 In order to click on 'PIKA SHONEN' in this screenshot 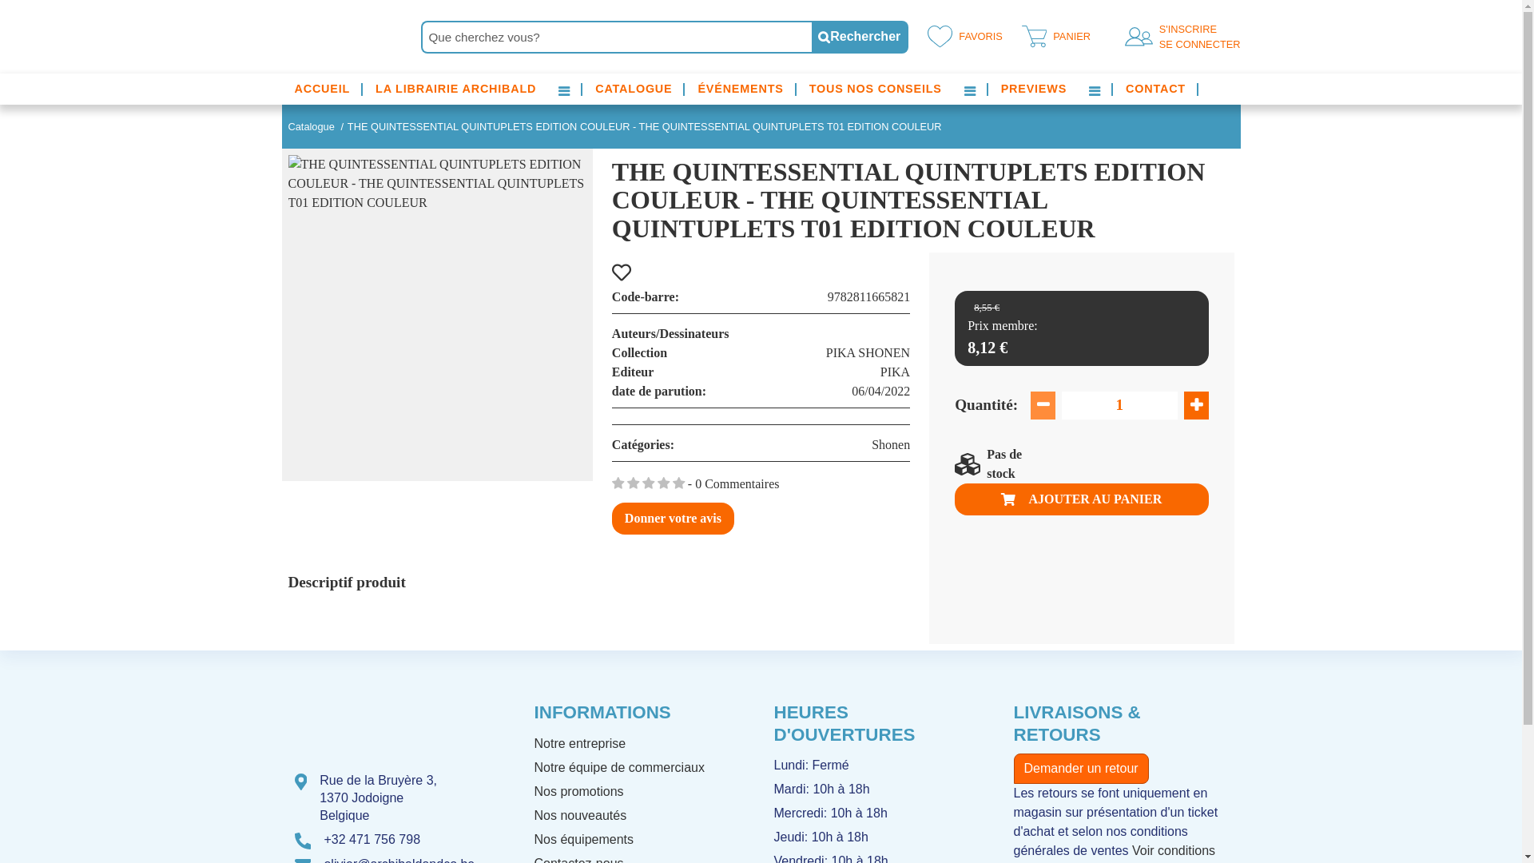, I will do `click(867, 352)`.